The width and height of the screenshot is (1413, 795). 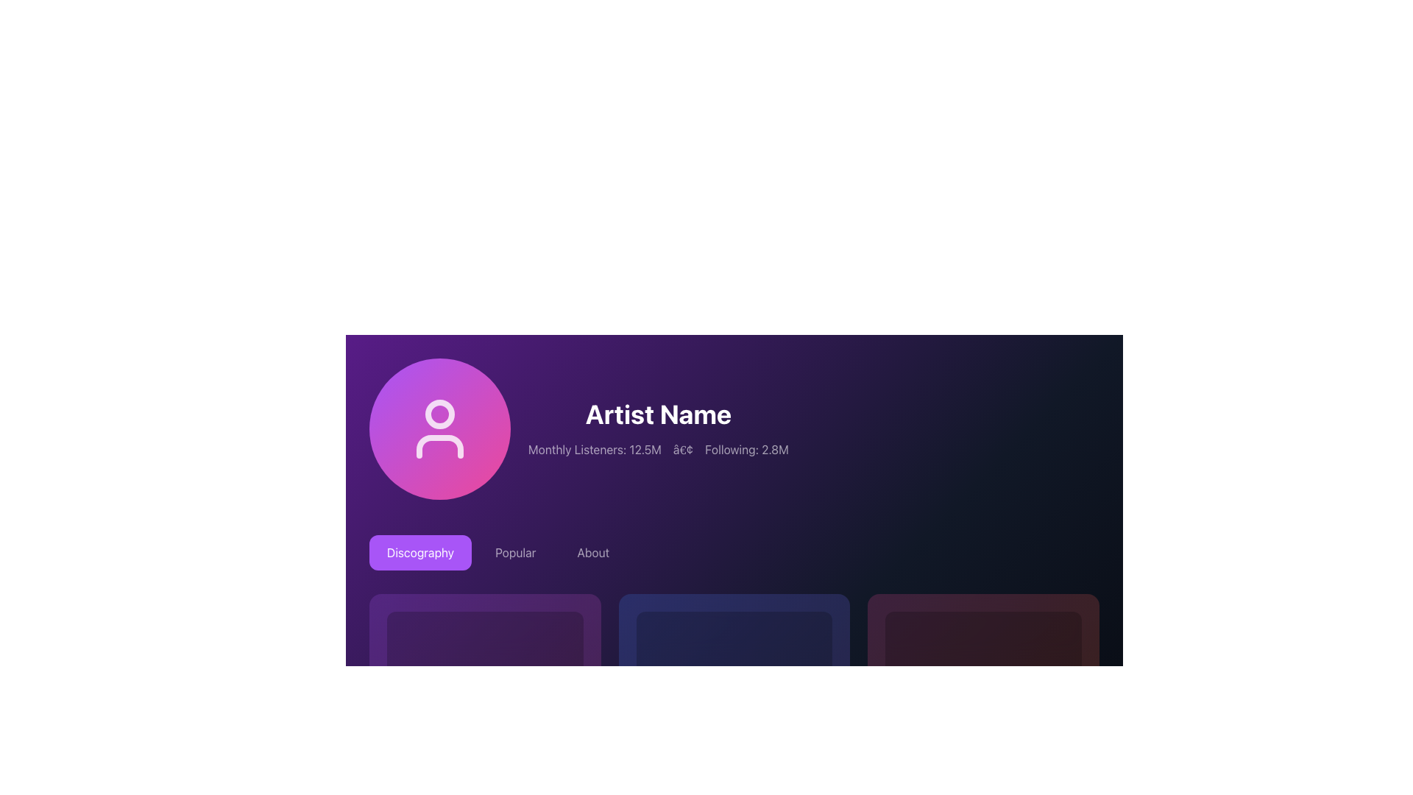 What do you see at coordinates (515, 553) in the screenshot?
I see `the 'Popular' button, which is a light-colored rectangular button with rounded corners located between the 'Discography' and 'About' buttons in the navigation area` at bounding box center [515, 553].